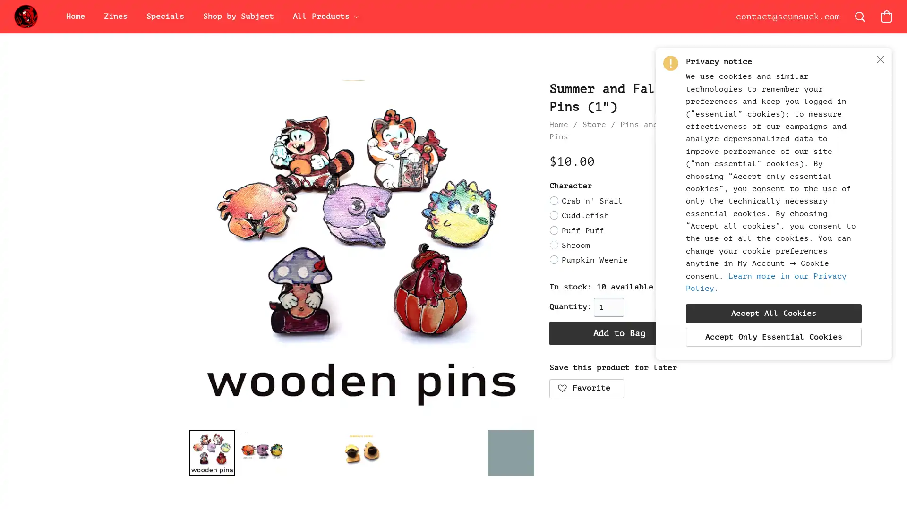 The width and height of the screenshot is (907, 510). What do you see at coordinates (860, 16) in the screenshot?
I see `Search the website` at bounding box center [860, 16].